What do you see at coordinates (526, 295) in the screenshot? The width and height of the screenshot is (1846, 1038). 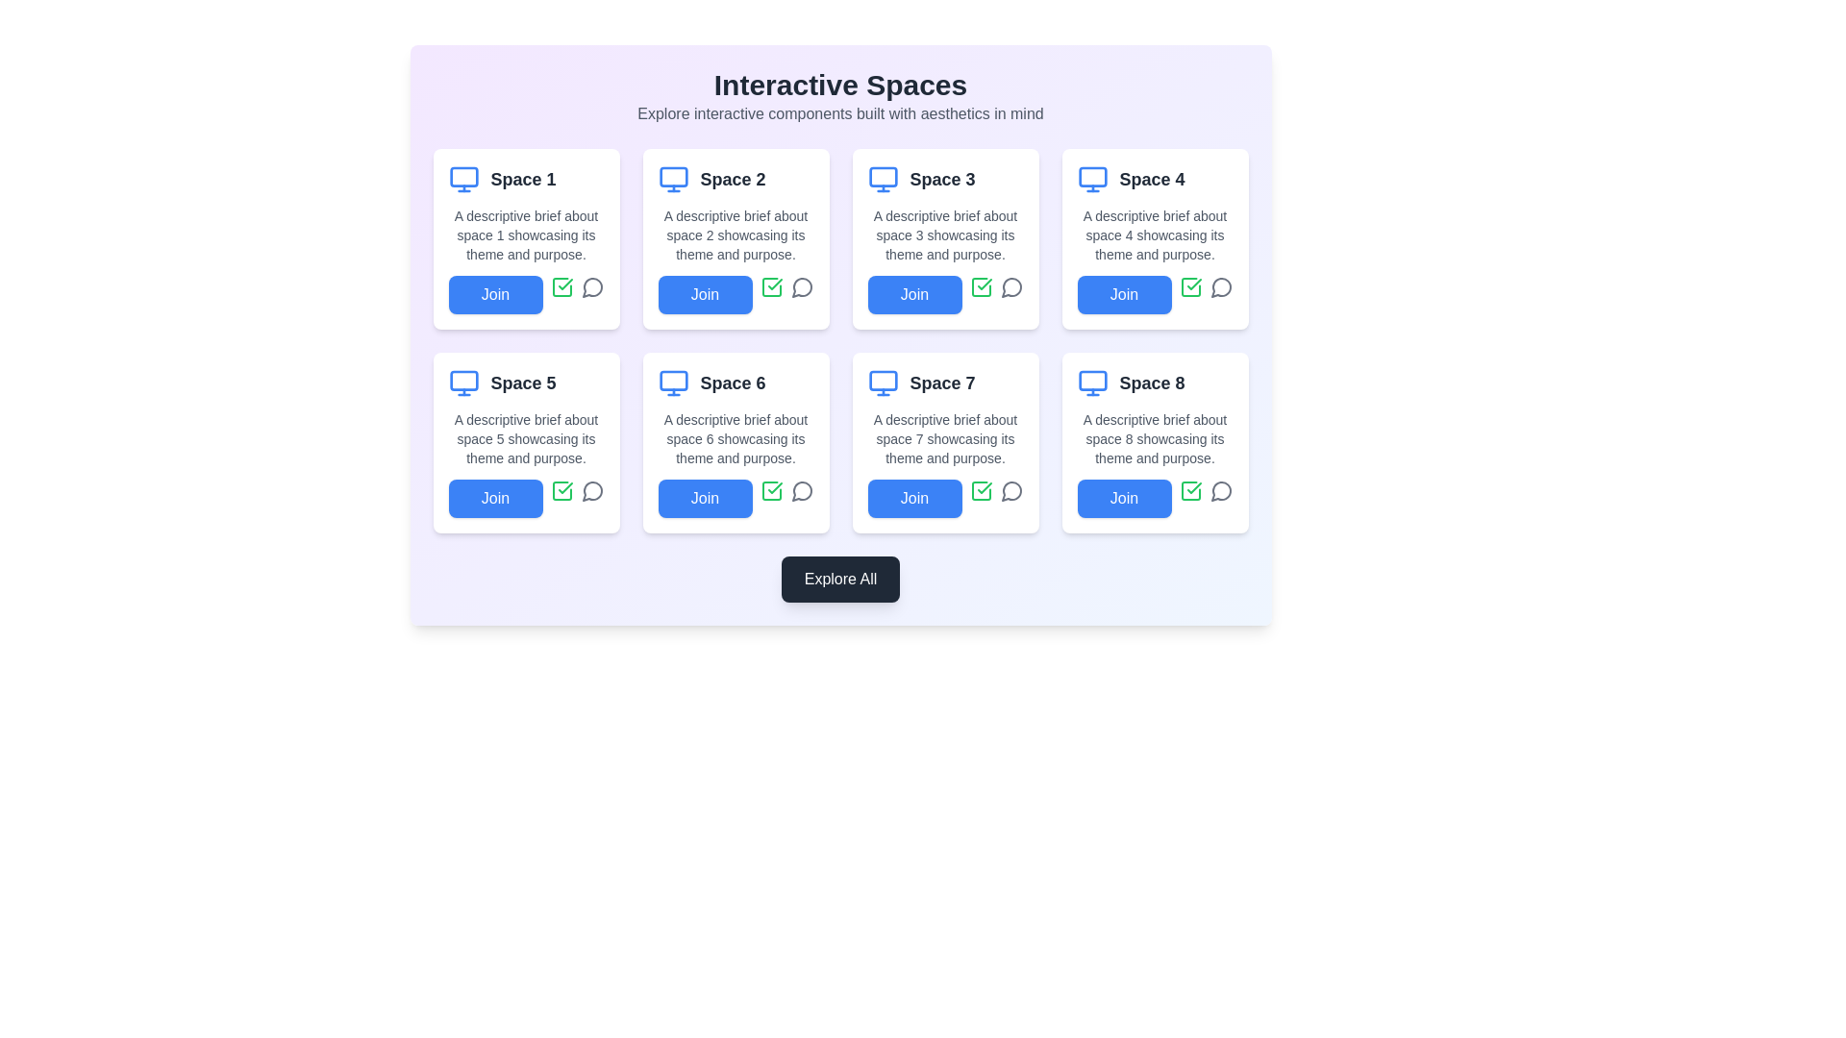 I see `the 'Join' button located at the bottom center of the 'Space 1' card to join the respective space` at bounding box center [526, 295].